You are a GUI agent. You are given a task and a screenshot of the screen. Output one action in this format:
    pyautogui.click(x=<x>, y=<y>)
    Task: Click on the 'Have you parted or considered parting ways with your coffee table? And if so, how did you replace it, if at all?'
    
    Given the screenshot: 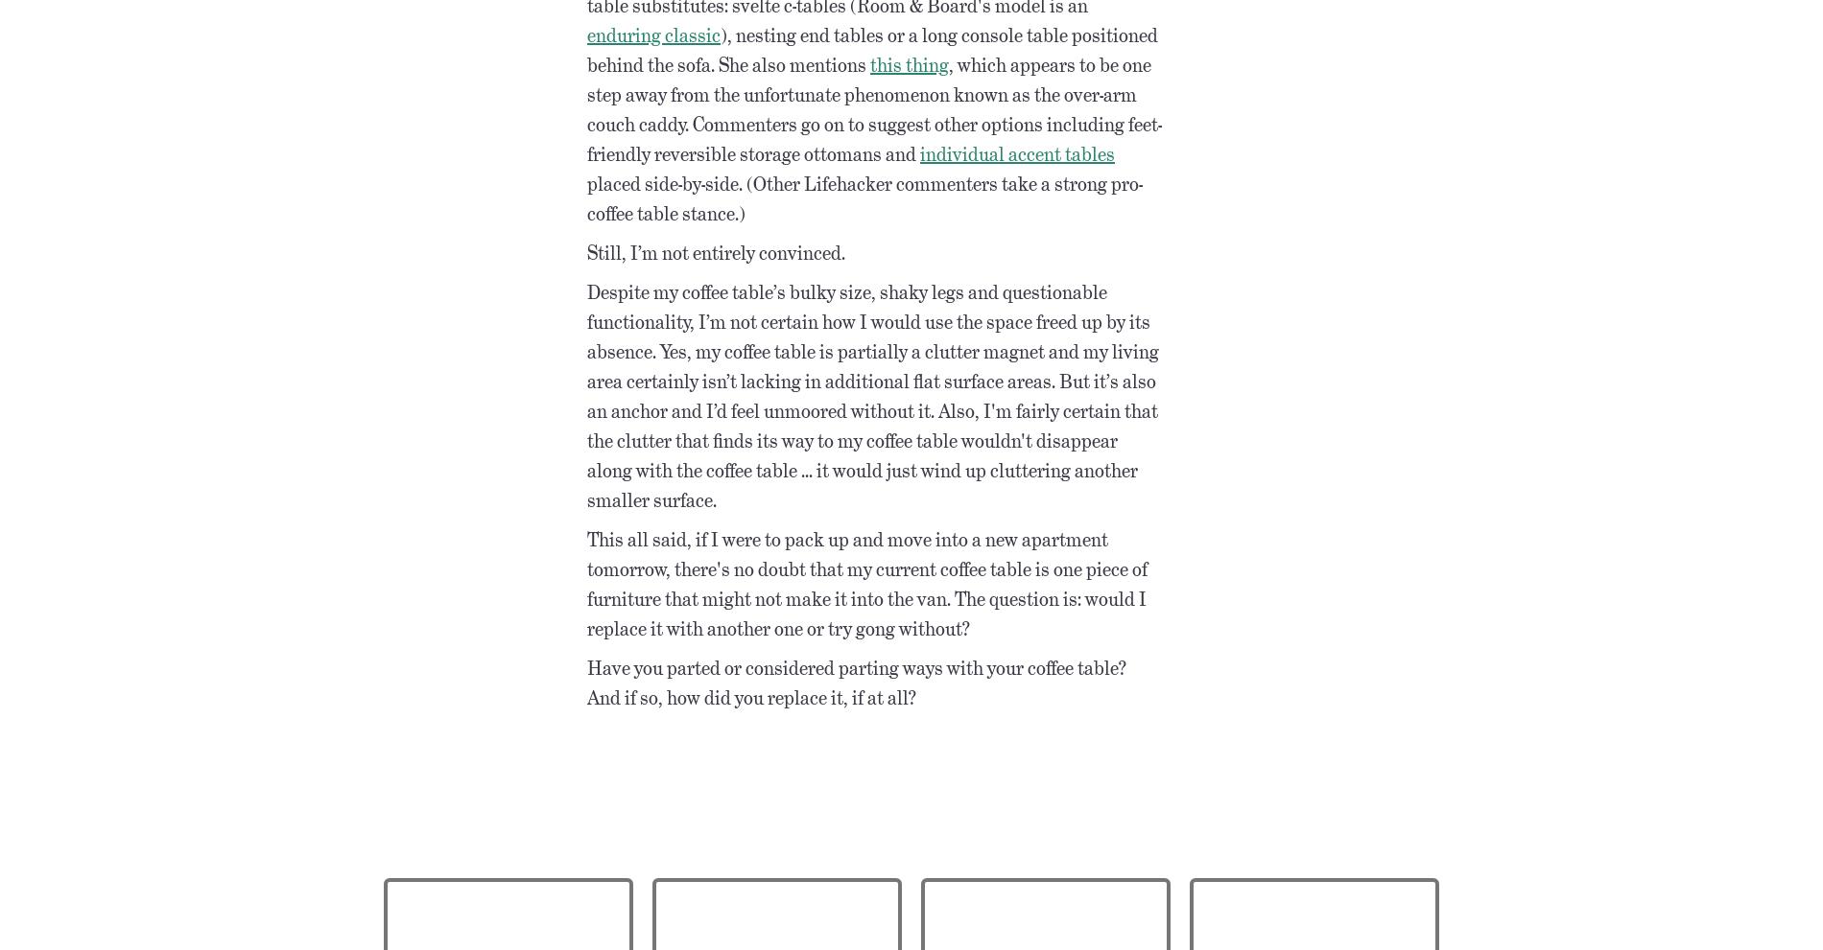 What is the action you would take?
    pyautogui.click(x=856, y=682)
    